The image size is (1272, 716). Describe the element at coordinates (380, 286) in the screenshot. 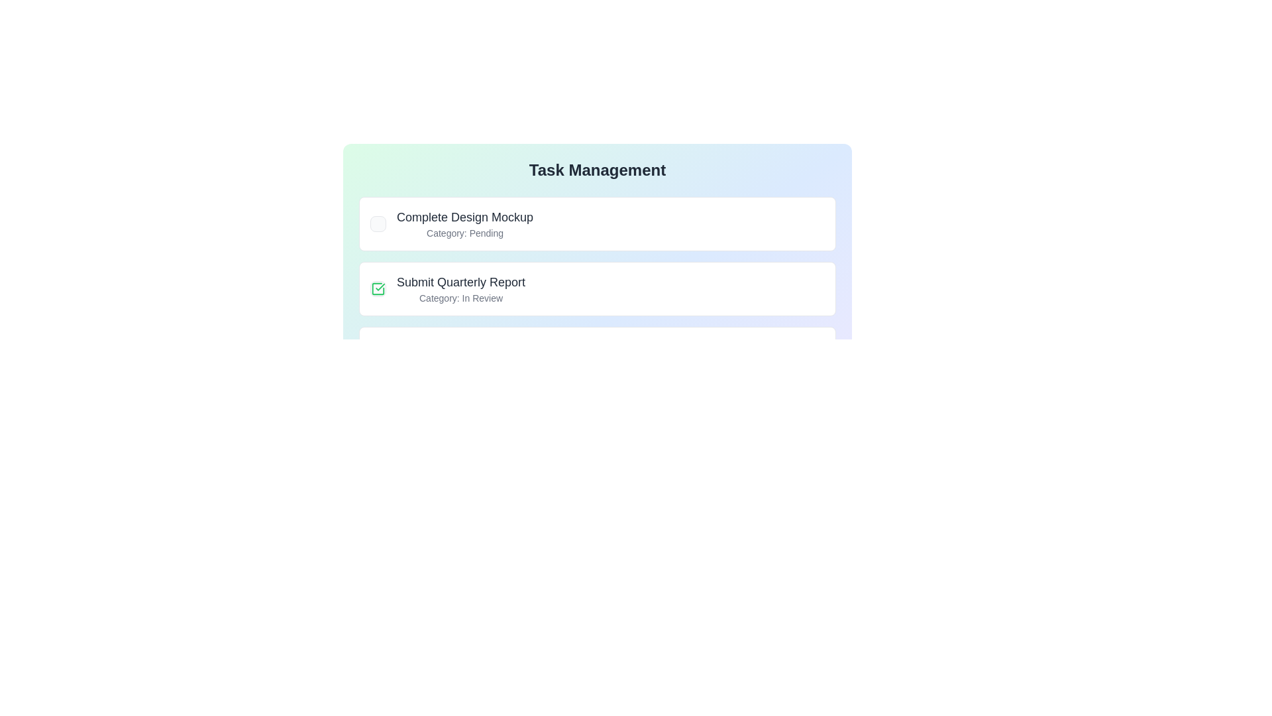

I see `the green checkmark icon indicating a 'checked' state, located in the bottom-right region of the 'Submit Quarterly Report' list item` at that location.